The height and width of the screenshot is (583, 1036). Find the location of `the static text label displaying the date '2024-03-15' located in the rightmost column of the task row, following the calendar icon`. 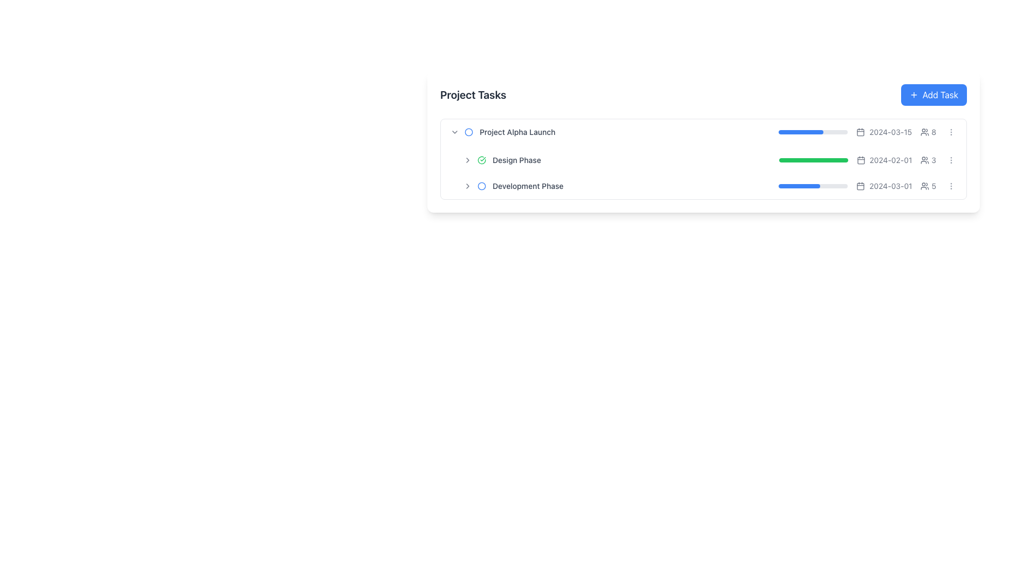

the static text label displaying the date '2024-03-15' located in the rightmost column of the task row, following the calendar icon is located at coordinates (890, 132).